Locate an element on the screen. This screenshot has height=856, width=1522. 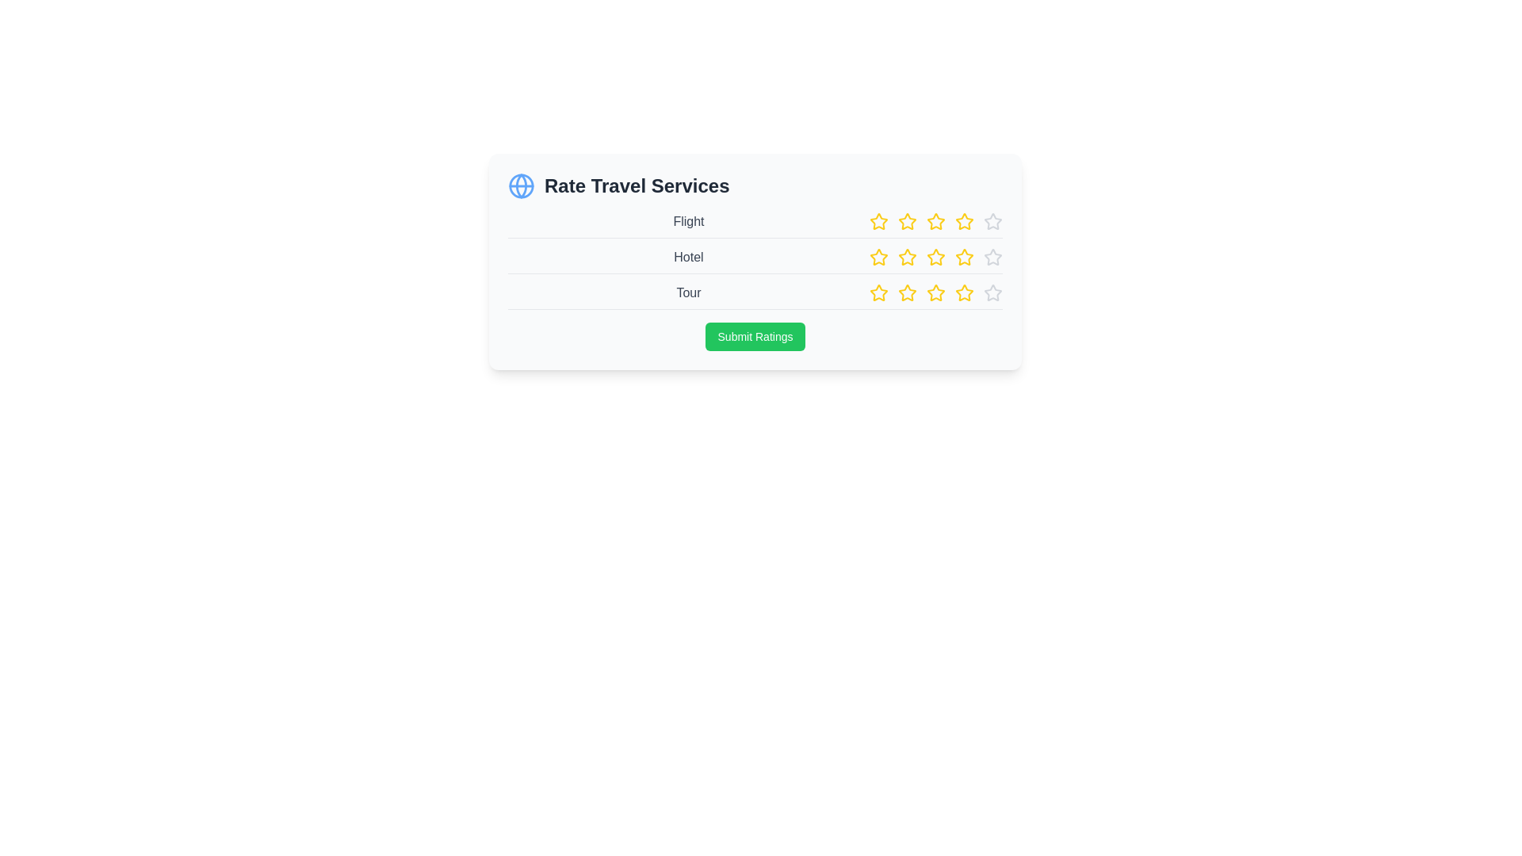
across the fourth yellow star icon in the 'Tour' rating row is located at coordinates (964, 292).